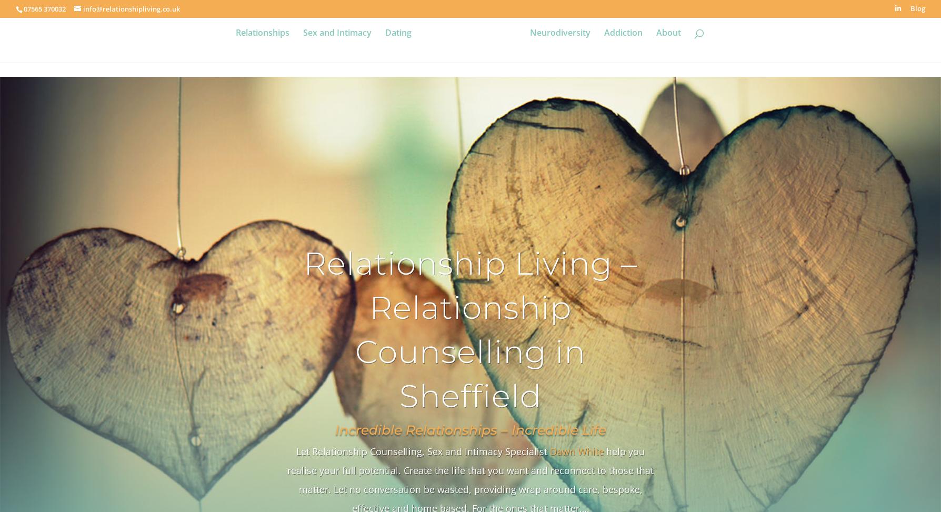 The width and height of the screenshot is (941, 512). What do you see at coordinates (262, 47) in the screenshot?
I see `'Relationships'` at bounding box center [262, 47].